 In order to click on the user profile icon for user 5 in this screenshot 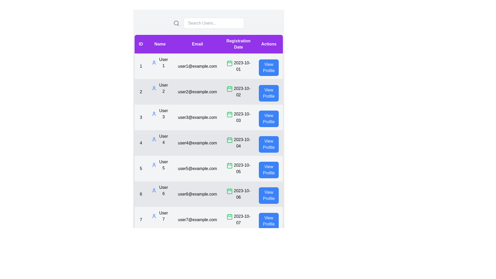, I will do `click(154, 165)`.